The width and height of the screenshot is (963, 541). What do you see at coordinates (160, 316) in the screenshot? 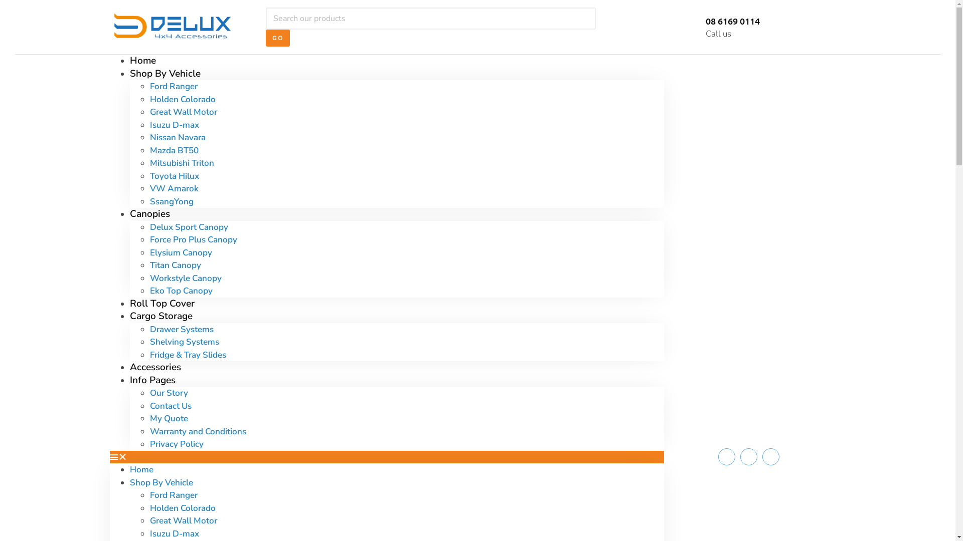
I see `'Cargo Storage'` at bounding box center [160, 316].